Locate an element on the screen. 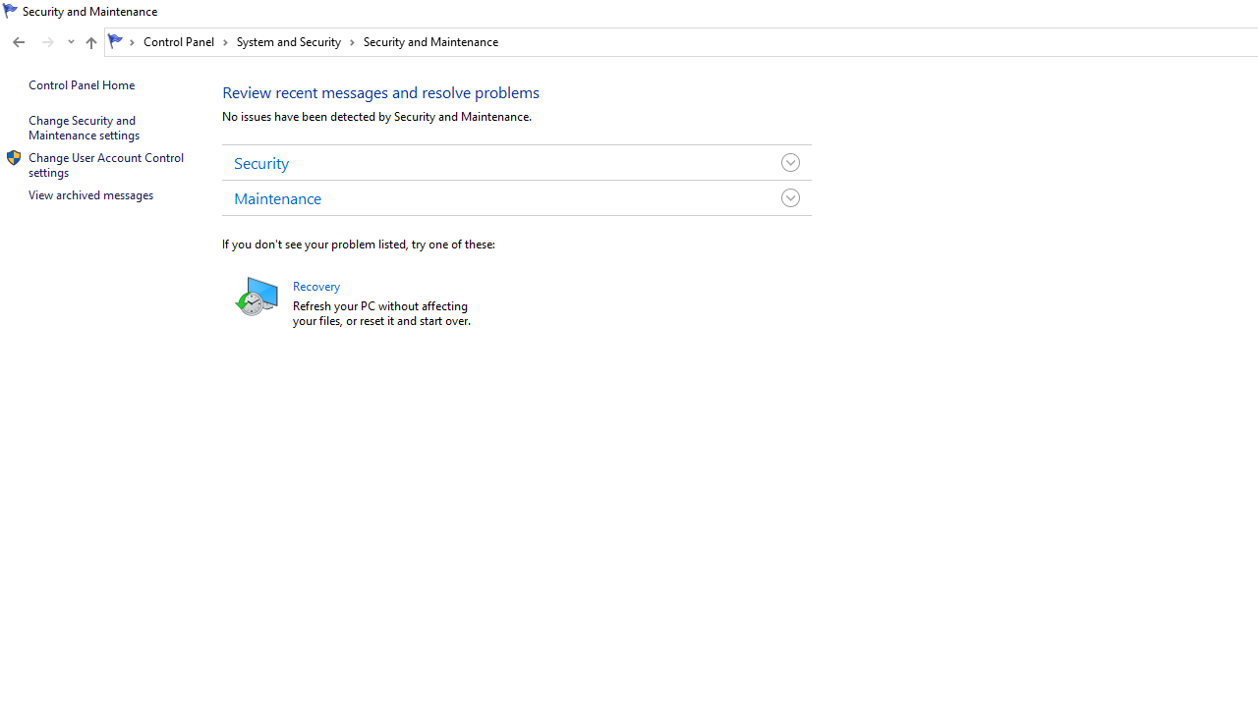  'Up to "System and Security" (Alt + Up Arrow)' is located at coordinates (89, 42).